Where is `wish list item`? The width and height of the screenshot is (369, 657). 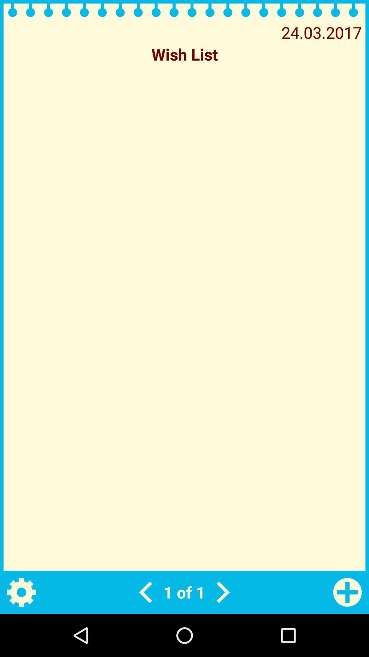
wish list item is located at coordinates (184, 54).